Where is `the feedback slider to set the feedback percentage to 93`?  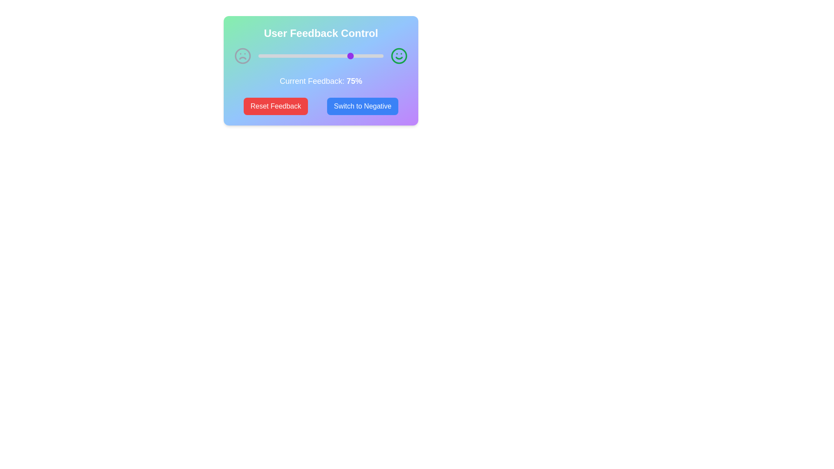 the feedback slider to set the feedback percentage to 93 is located at coordinates (374, 56).